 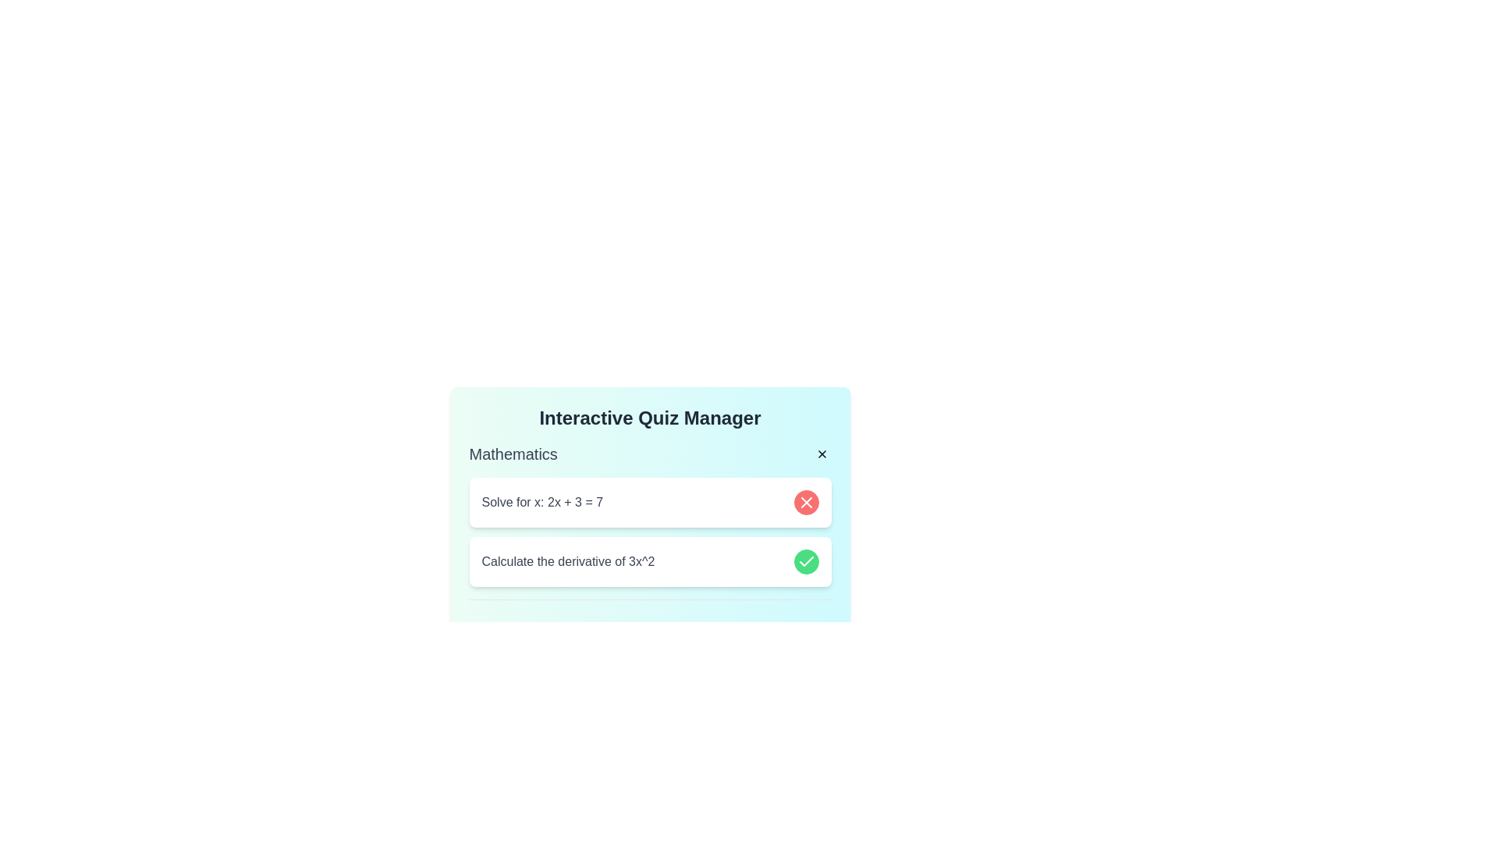 What do you see at coordinates (567, 562) in the screenshot?
I see `the static text displaying the mathematical question, which is located below the 'Solve for x: 2x + 3 = 7' text and to the left of a green checkmark icon` at bounding box center [567, 562].